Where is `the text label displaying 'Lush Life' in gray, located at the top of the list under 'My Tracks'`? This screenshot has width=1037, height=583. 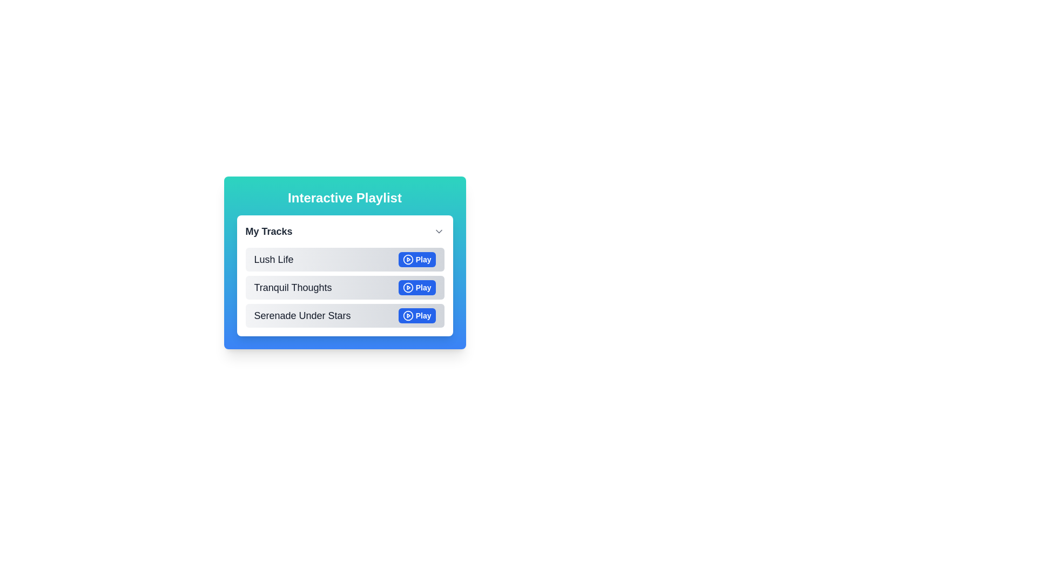
the text label displaying 'Lush Life' in gray, located at the top of the list under 'My Tracks' is located at coordinates (274, 260).